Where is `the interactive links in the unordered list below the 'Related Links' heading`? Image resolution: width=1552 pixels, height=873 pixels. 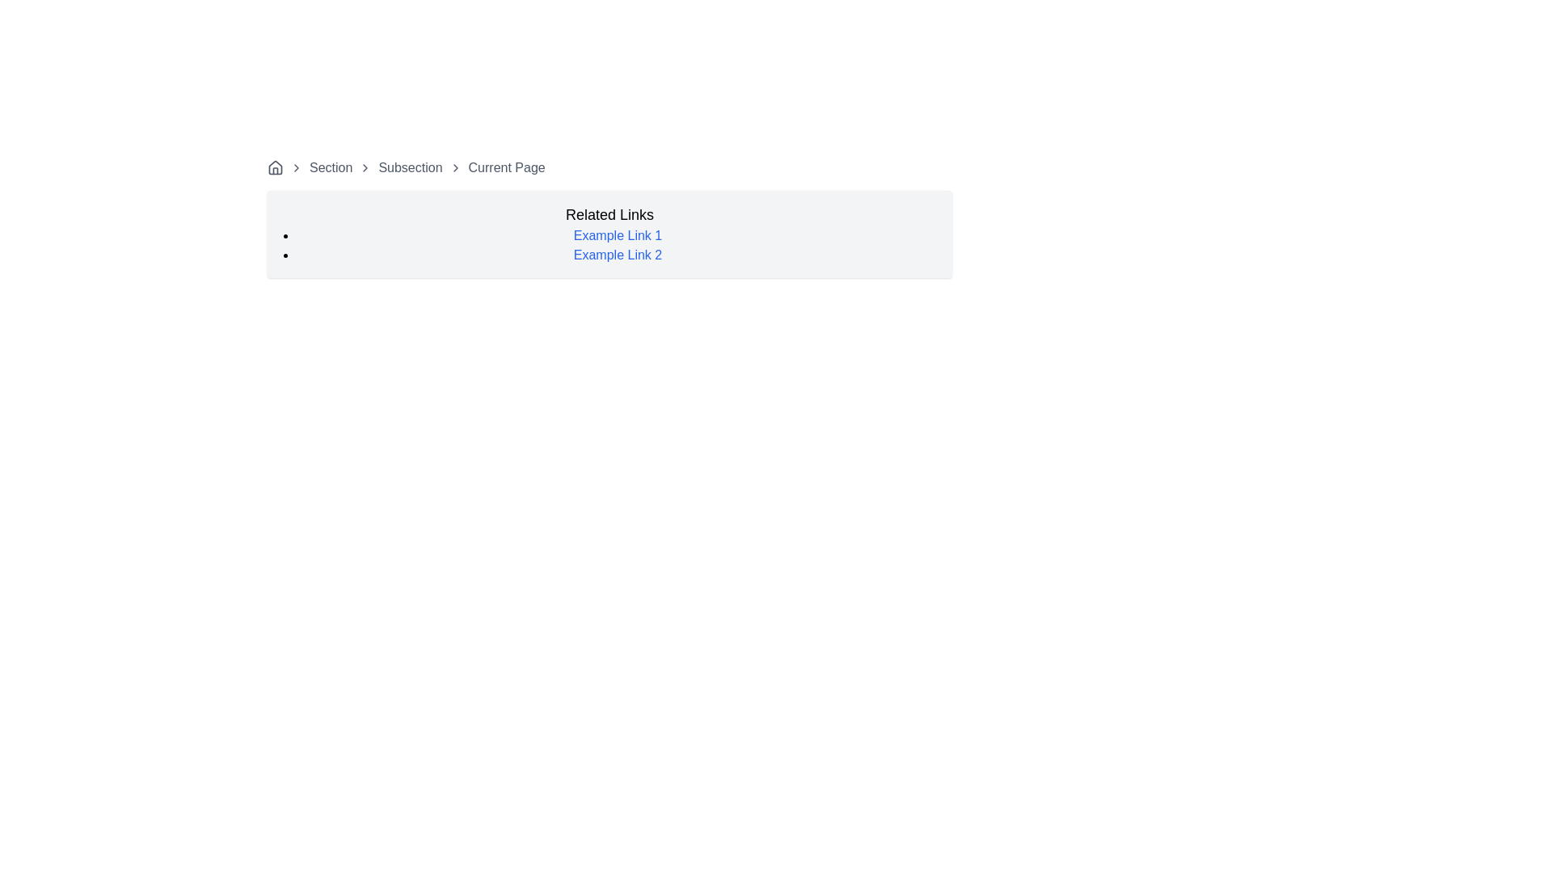
the interactive links in the unordered list below the 'Related Links' heading is located at coordinates (617, 246).